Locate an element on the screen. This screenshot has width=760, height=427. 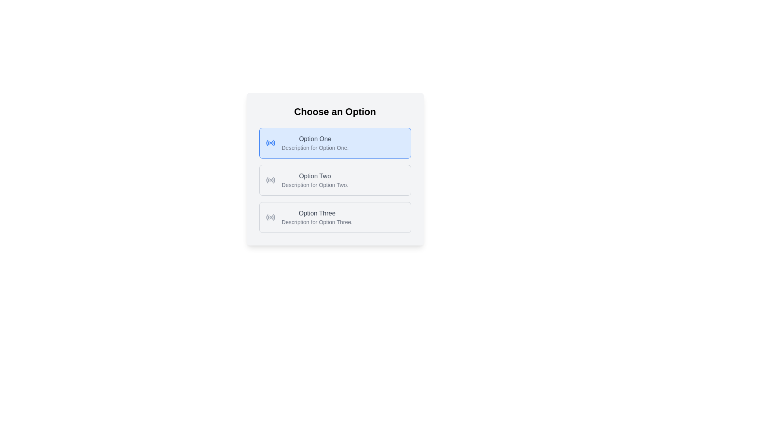
the radio button for 'Option Three' is located at coordinates (270, 217).